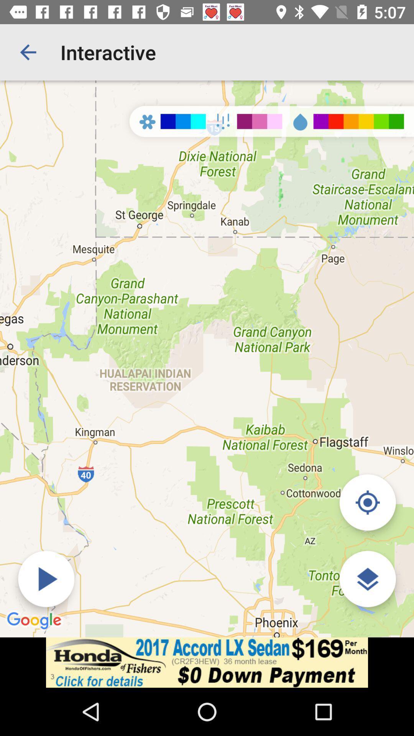  I want to click on the play icon, so click(46, 579).